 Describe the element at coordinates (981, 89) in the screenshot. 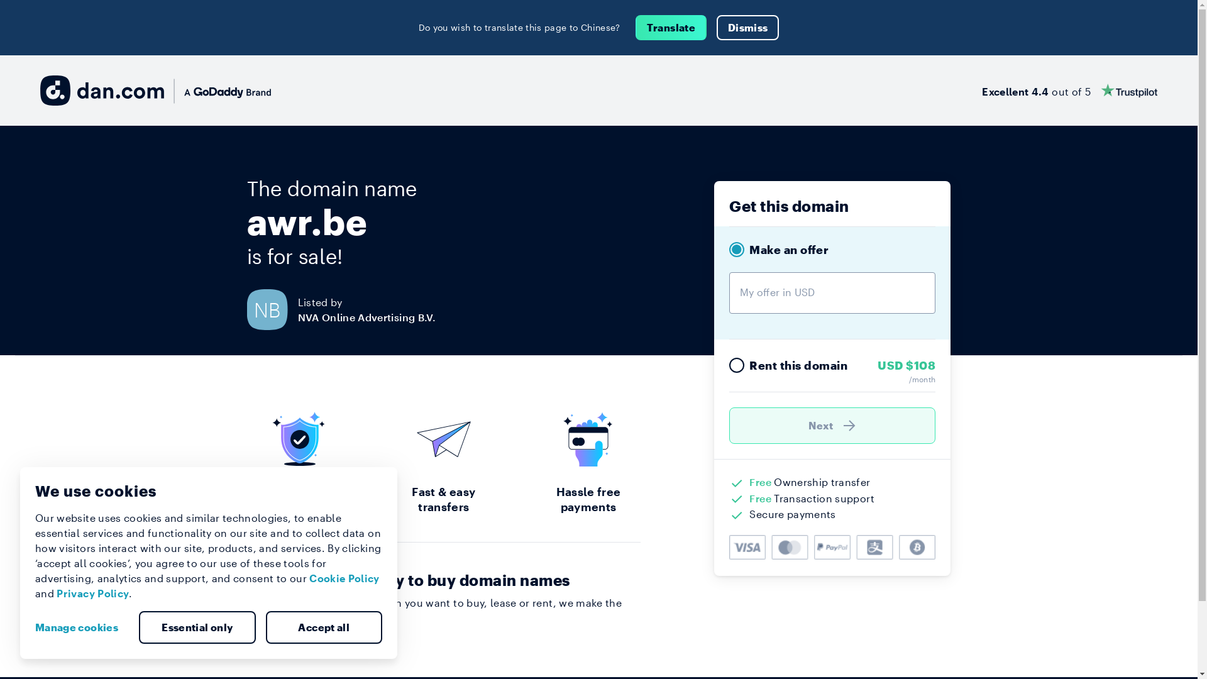

I see `'Excellent 4.4 out of 5'` at that location.